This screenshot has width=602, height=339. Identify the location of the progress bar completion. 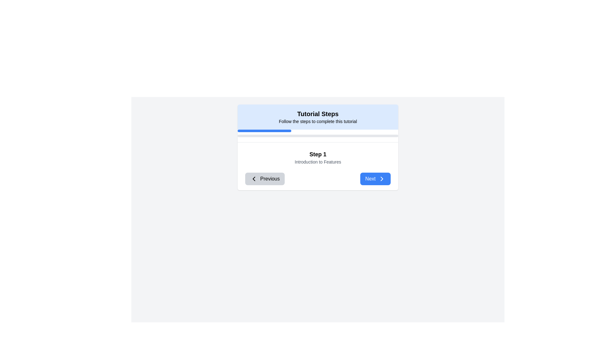
(247, 135).